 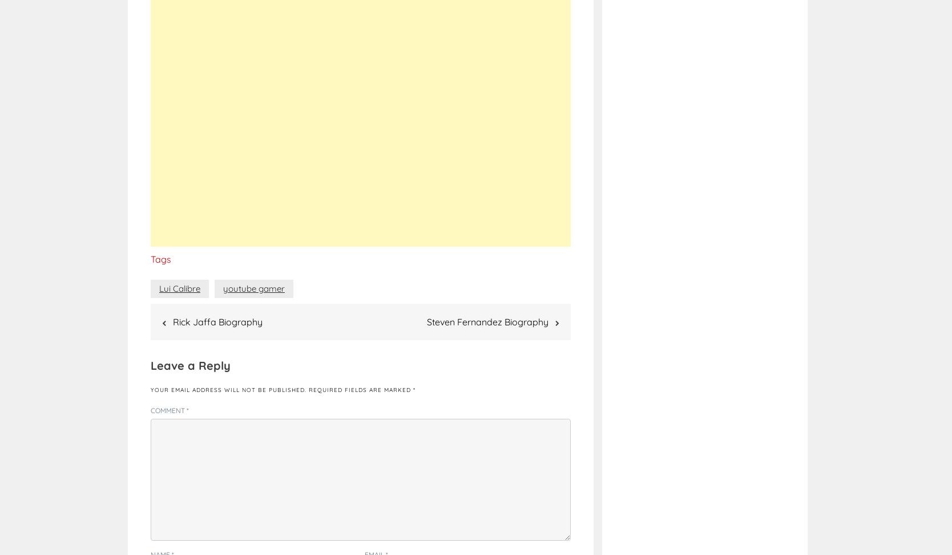 What do you see at coordinates (150, 258) in the screenshot?
I see `'Tags'` at bounding box center [150, 258].